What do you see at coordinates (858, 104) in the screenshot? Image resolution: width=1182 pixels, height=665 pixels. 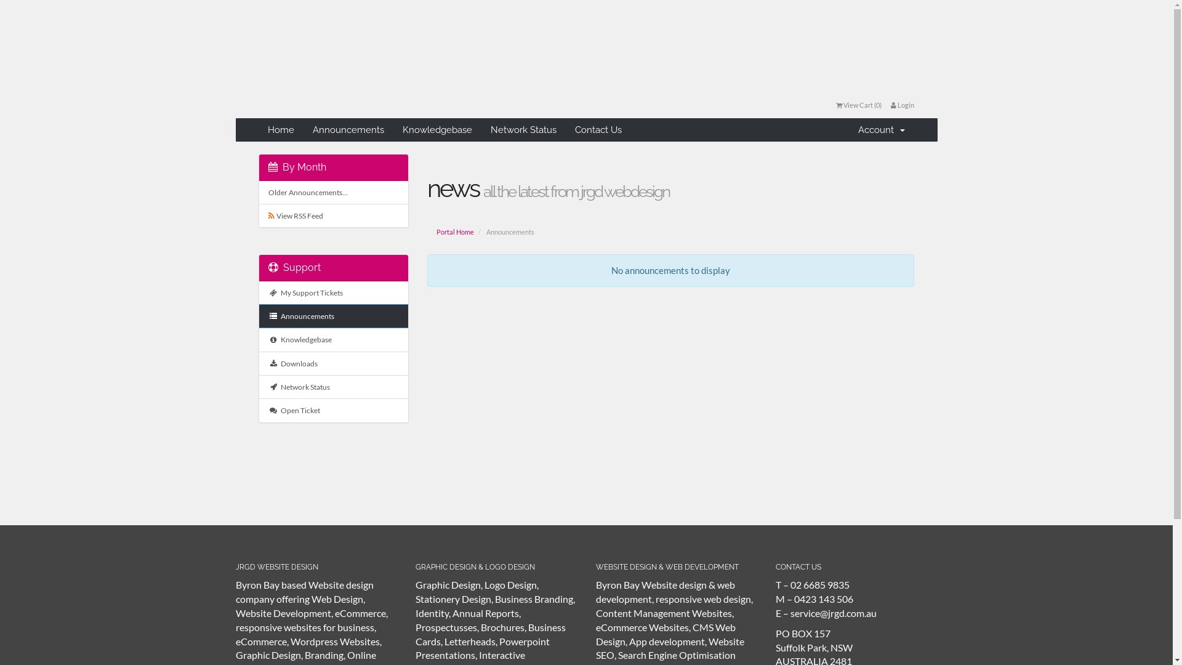 I see `'View Cart (0)'` at bounding box center [858, 104].